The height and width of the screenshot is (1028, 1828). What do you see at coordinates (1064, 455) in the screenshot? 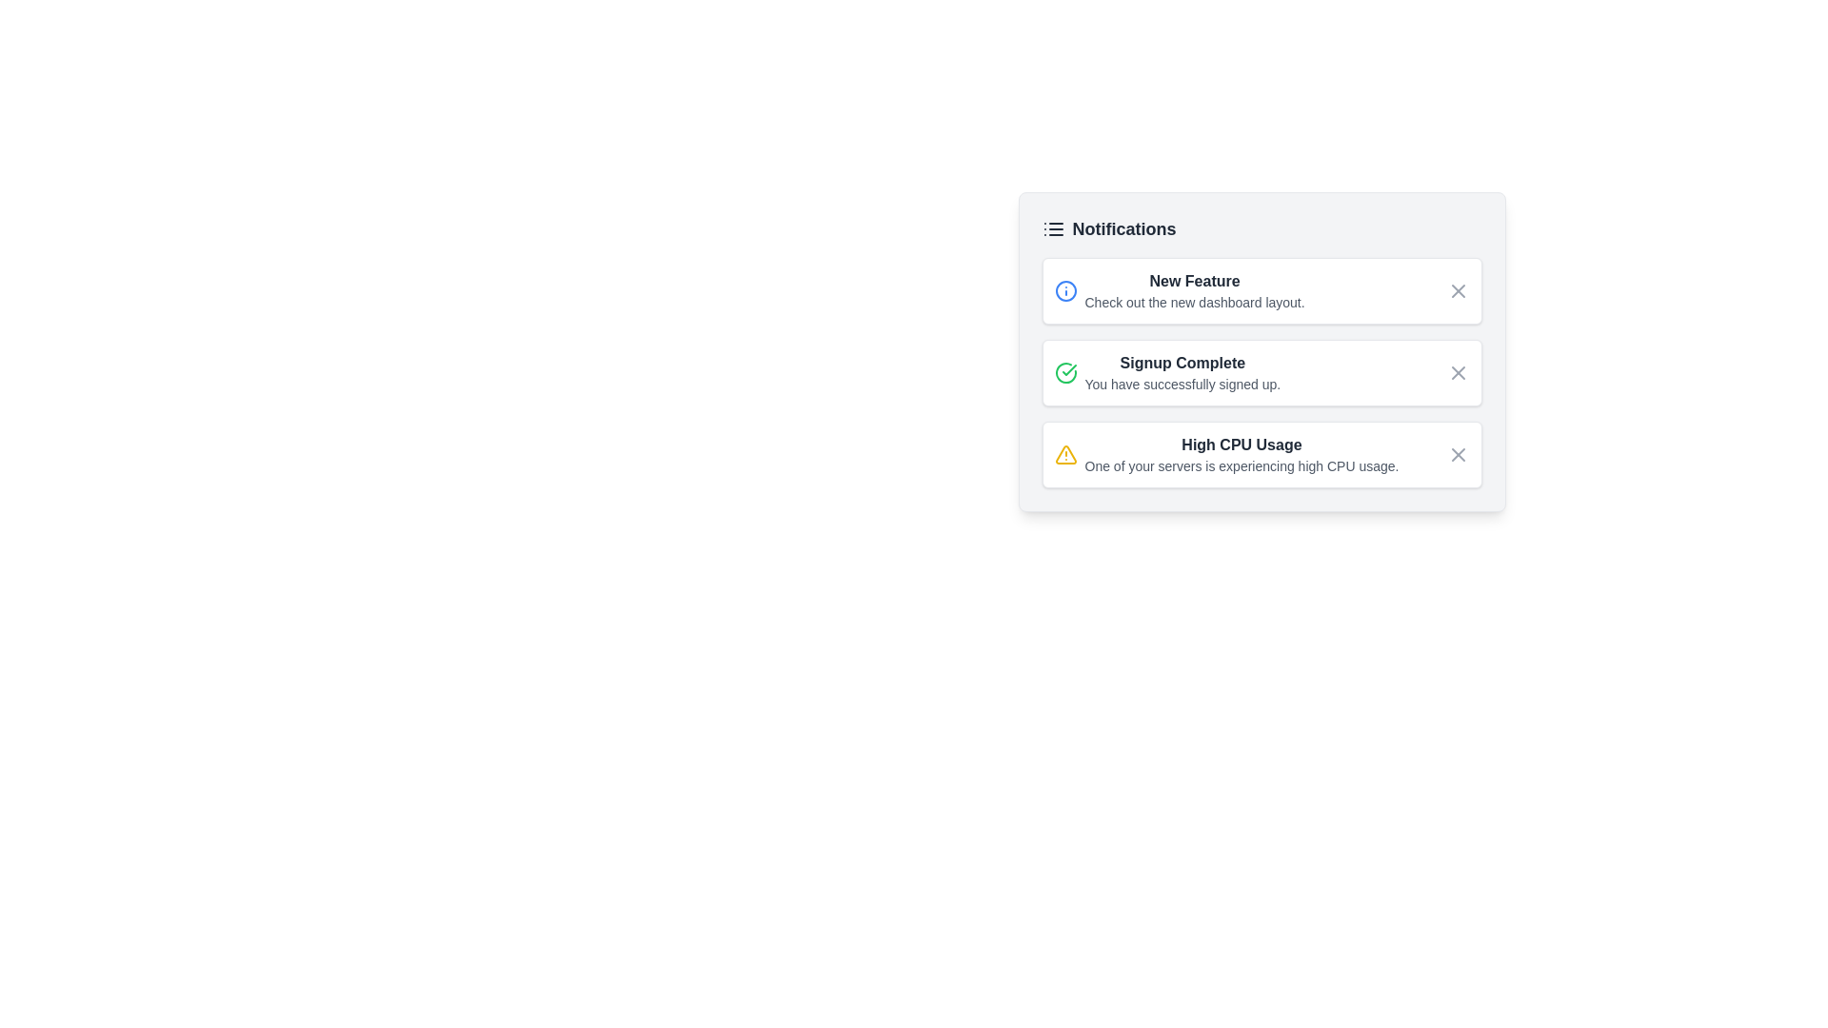
I see `the yellow triangular warning icon with an exclamation mark, which is part of a notification message indicating 'High CPU Usage'` at bounding box center [1064, 455].